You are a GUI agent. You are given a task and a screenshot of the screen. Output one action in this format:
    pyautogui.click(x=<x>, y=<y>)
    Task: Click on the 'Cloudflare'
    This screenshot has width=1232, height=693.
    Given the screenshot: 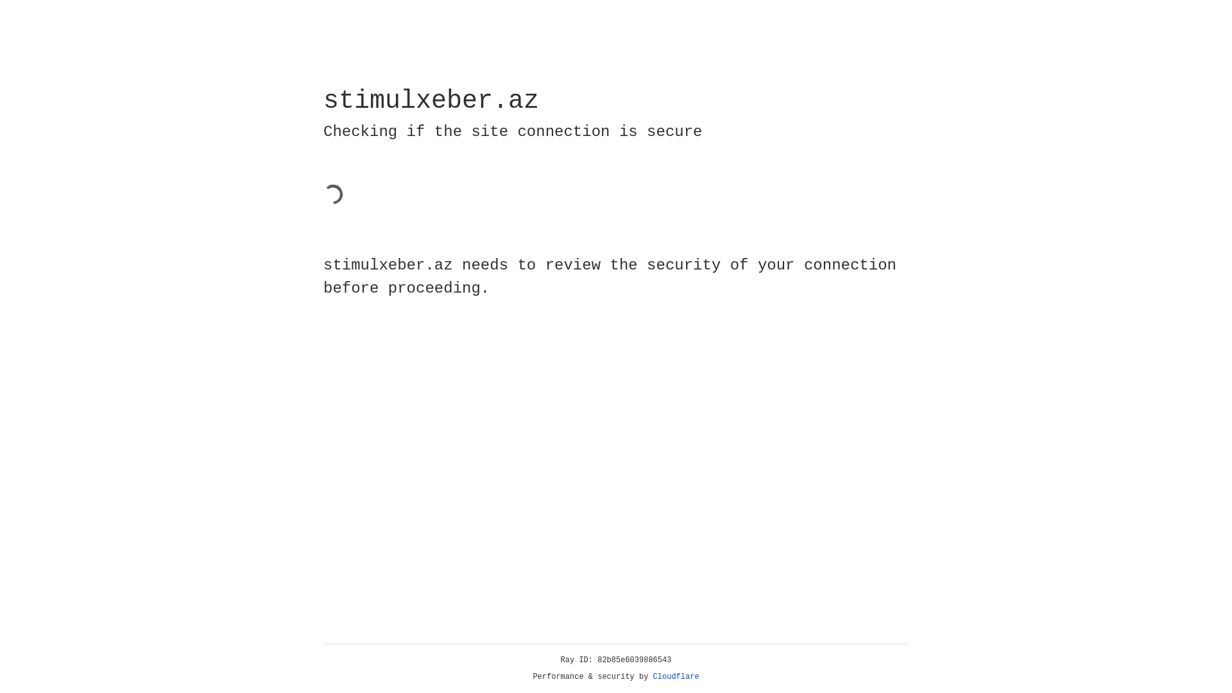 What is the action you would take?
    pyautogui.click(x=676, y=676)
    